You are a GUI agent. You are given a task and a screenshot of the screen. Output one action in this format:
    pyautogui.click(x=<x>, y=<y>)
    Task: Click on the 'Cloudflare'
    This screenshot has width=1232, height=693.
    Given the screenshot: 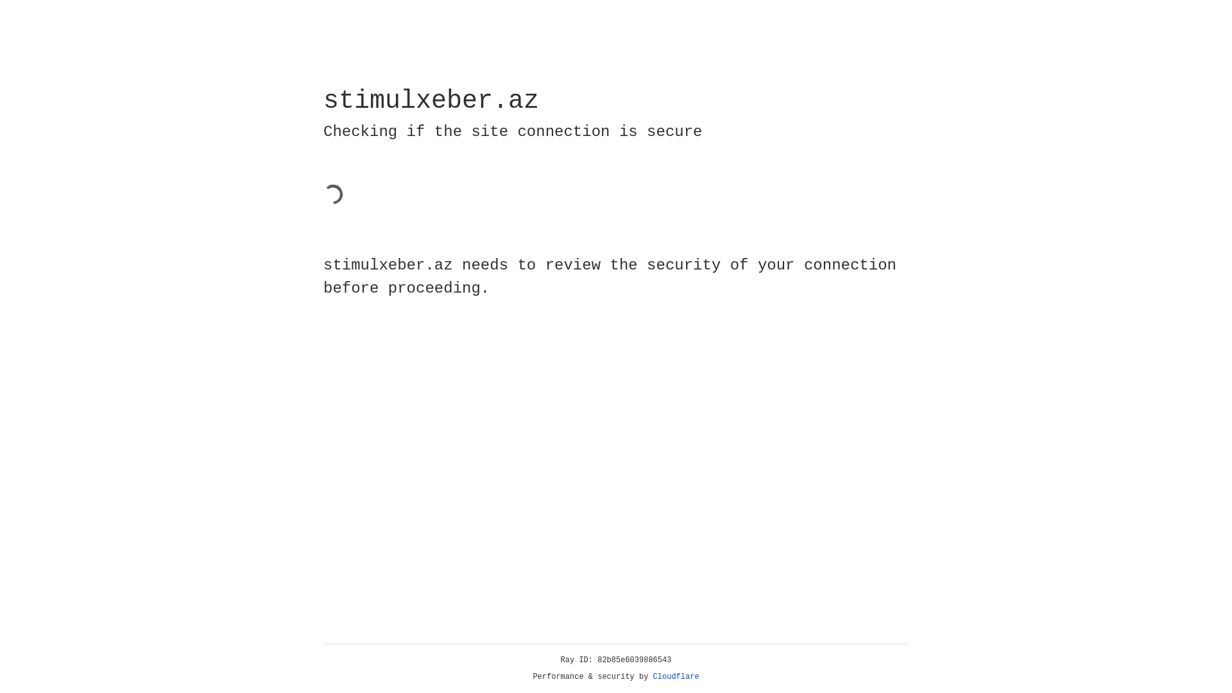 What is the action you would take?
    pyautogui.click(x=676, y=676)
    